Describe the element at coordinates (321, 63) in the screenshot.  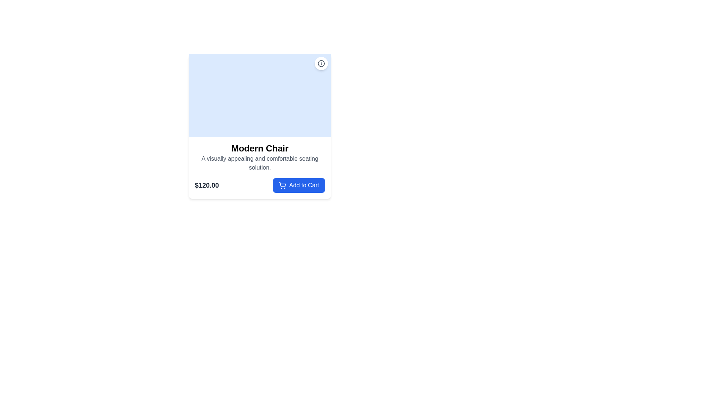
I see `the interactive informational icon located at the top-right corner of the card with a light blue background` at that location.